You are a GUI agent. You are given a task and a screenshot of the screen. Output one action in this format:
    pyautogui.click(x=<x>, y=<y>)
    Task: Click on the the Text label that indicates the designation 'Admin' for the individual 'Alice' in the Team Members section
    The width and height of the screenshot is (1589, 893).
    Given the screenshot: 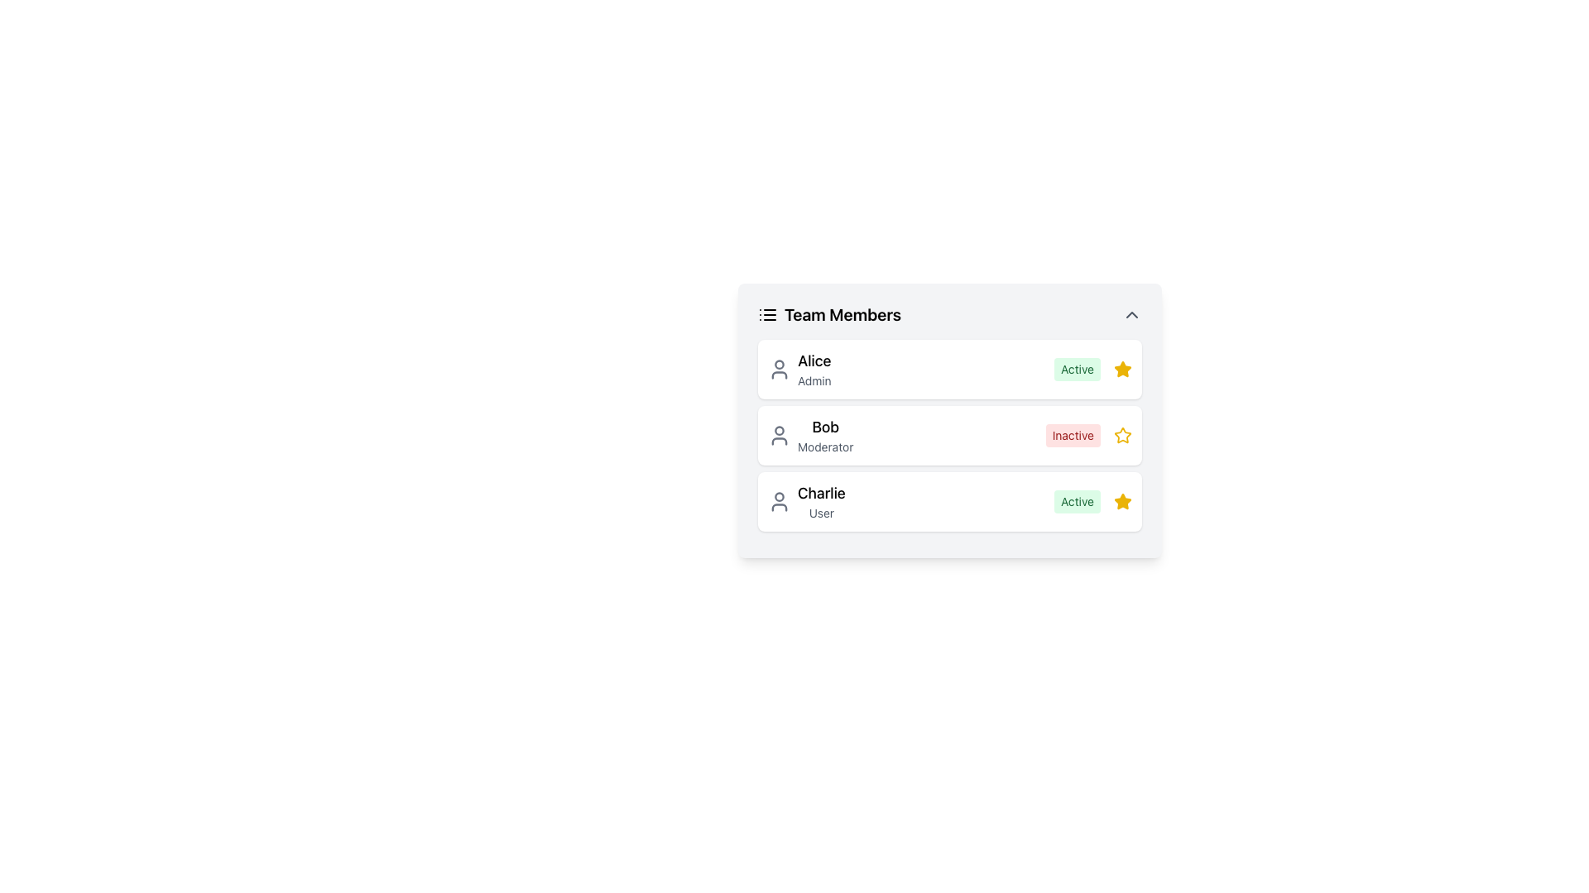 What is the action you would take?
    pyautogui.click(x=814, y=381)
    